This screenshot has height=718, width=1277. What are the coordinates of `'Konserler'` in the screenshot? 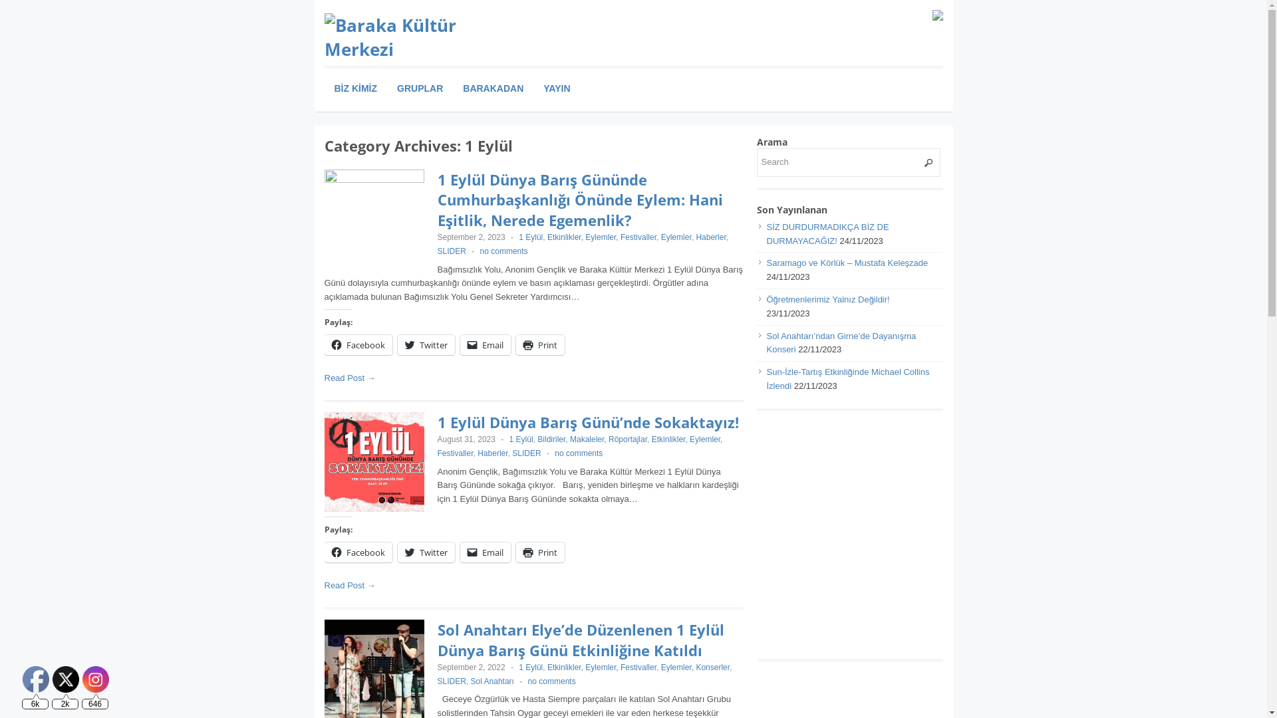 It's located at (712, 667).